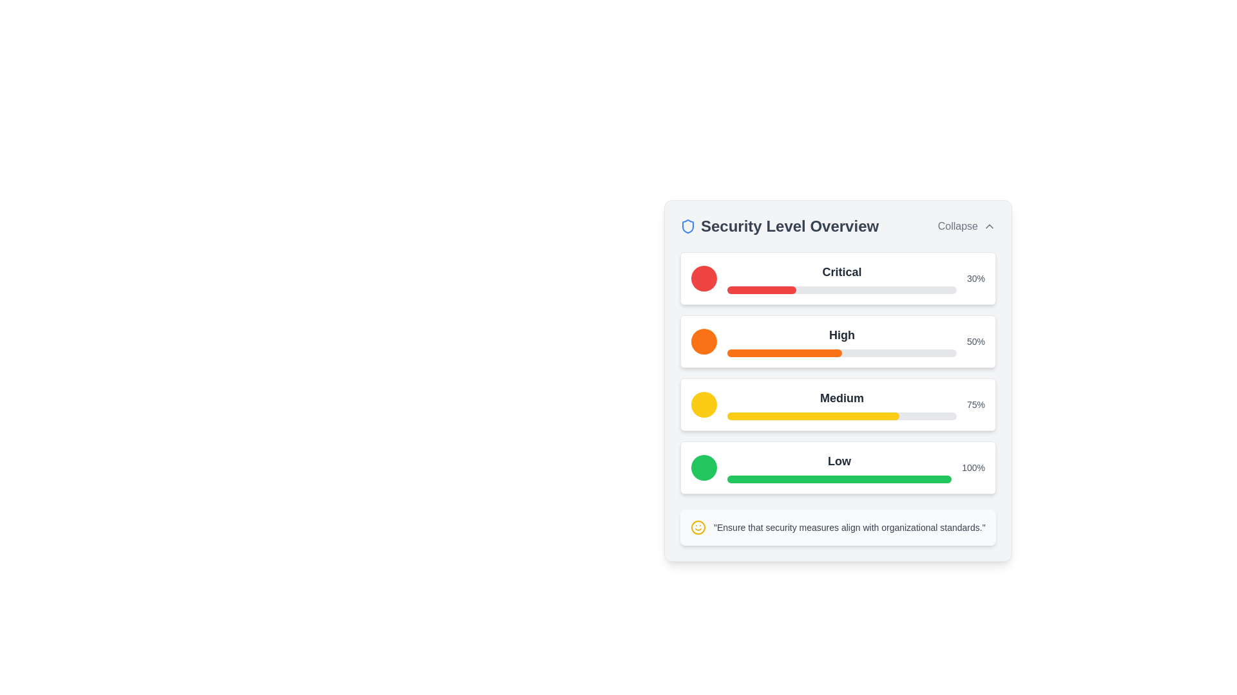 The image size is (1237, 695). Describe the element at coordinates (838, 403) in the screenshot. I see `the Indicator card labeled 'Medium', which features a yellow icon, bold black text 'Medium', a progress bar at 75%, and the text '75%' in gray` at that location.